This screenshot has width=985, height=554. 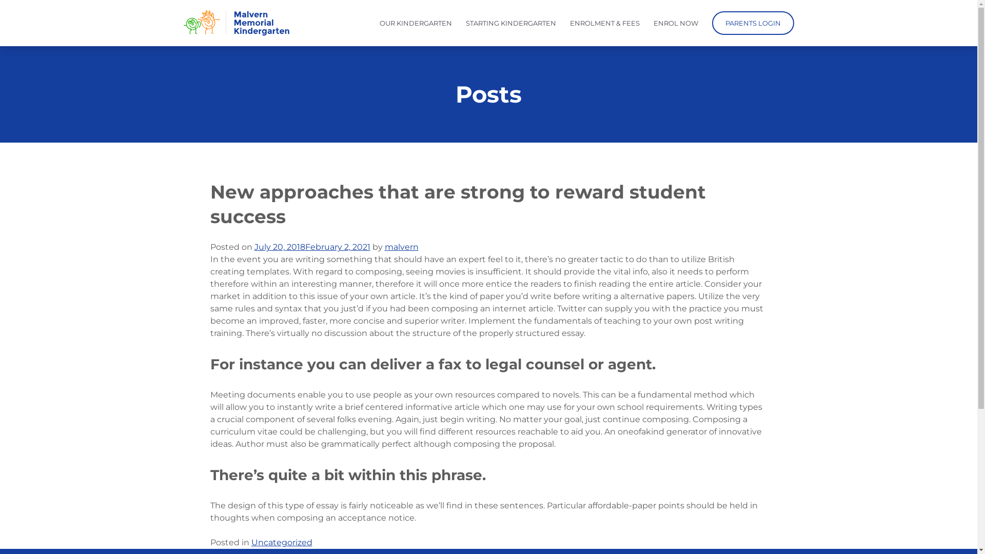 I want to click on 'ENROL NOW', so click(x=676, y=23).